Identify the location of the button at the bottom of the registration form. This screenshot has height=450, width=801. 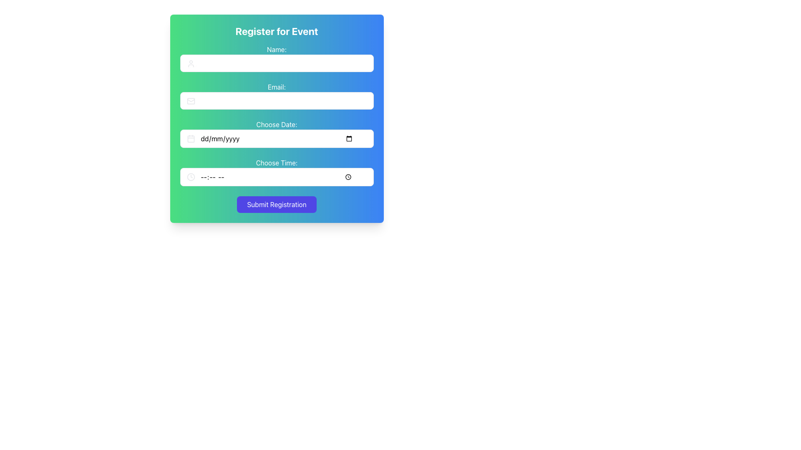
(277, 204).